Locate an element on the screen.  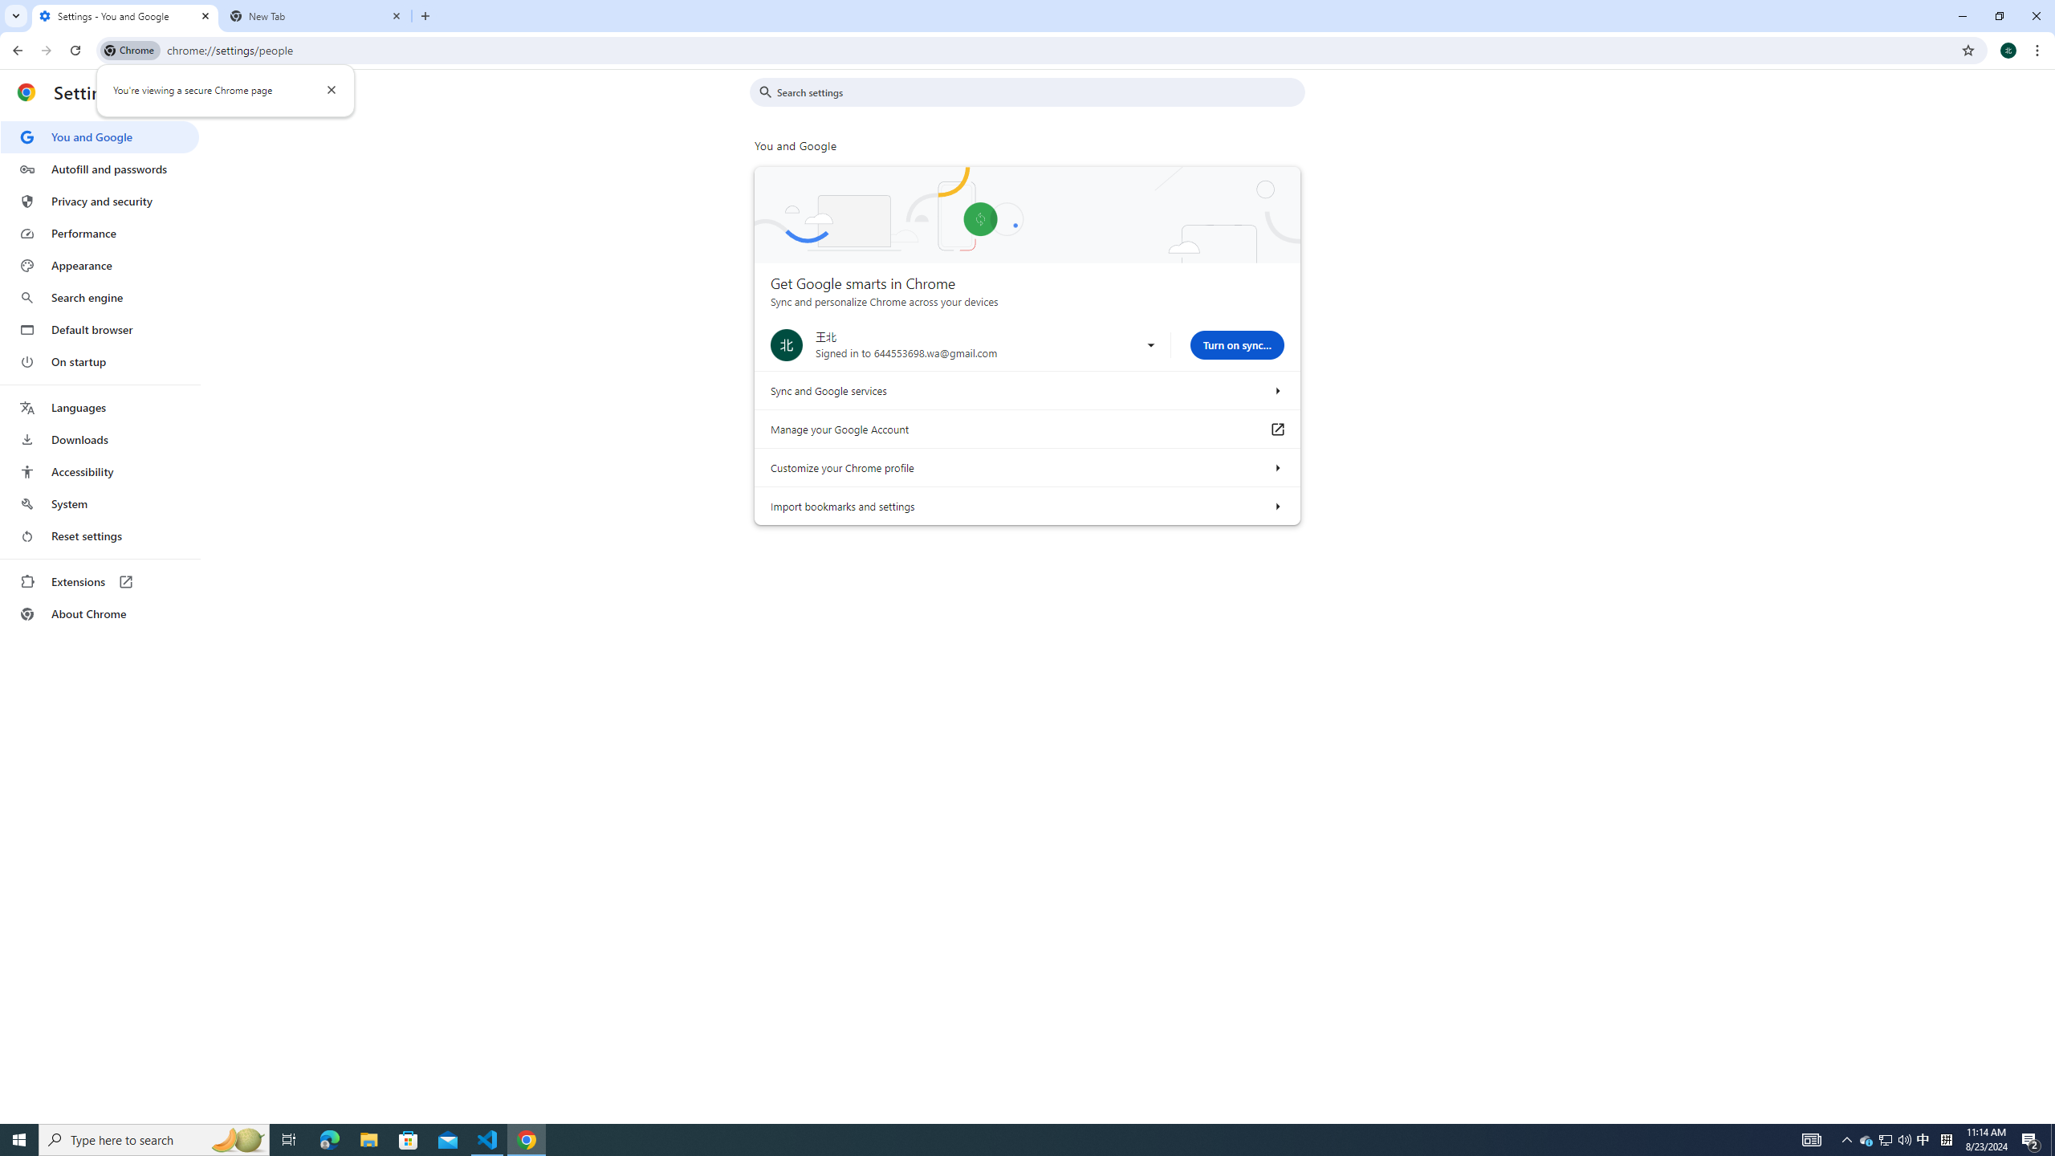
'Type here to search' is located at coordinates (153, 1138).